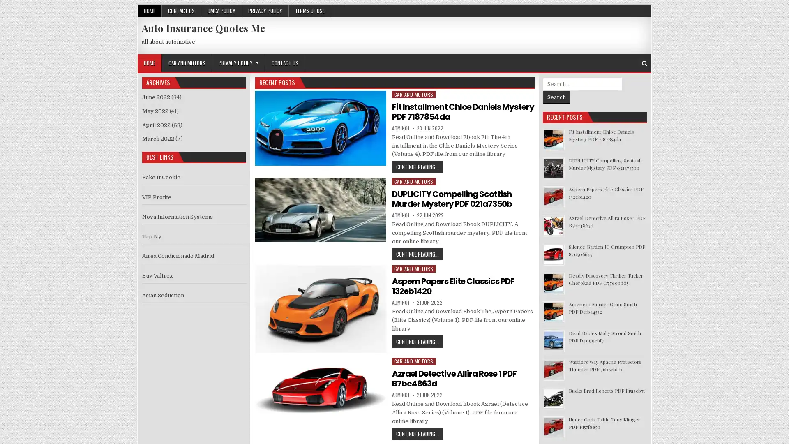 Image resolution: width=789 pixels, height=444 pixels. Describe the element at coordinates (556, 97) in the screenshot. I see `Search` at that location.